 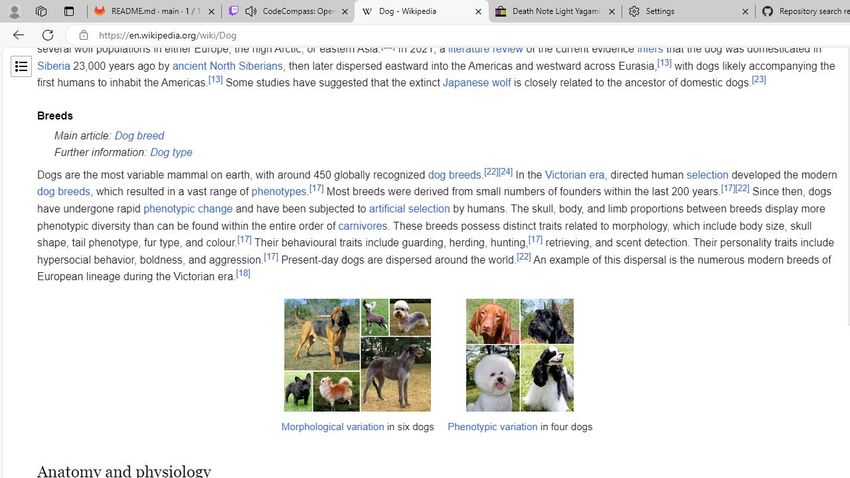 What do you see at coordinates (759, 80) in the screenshot?
I see `'[23]'` at bounding box center [759, 80].